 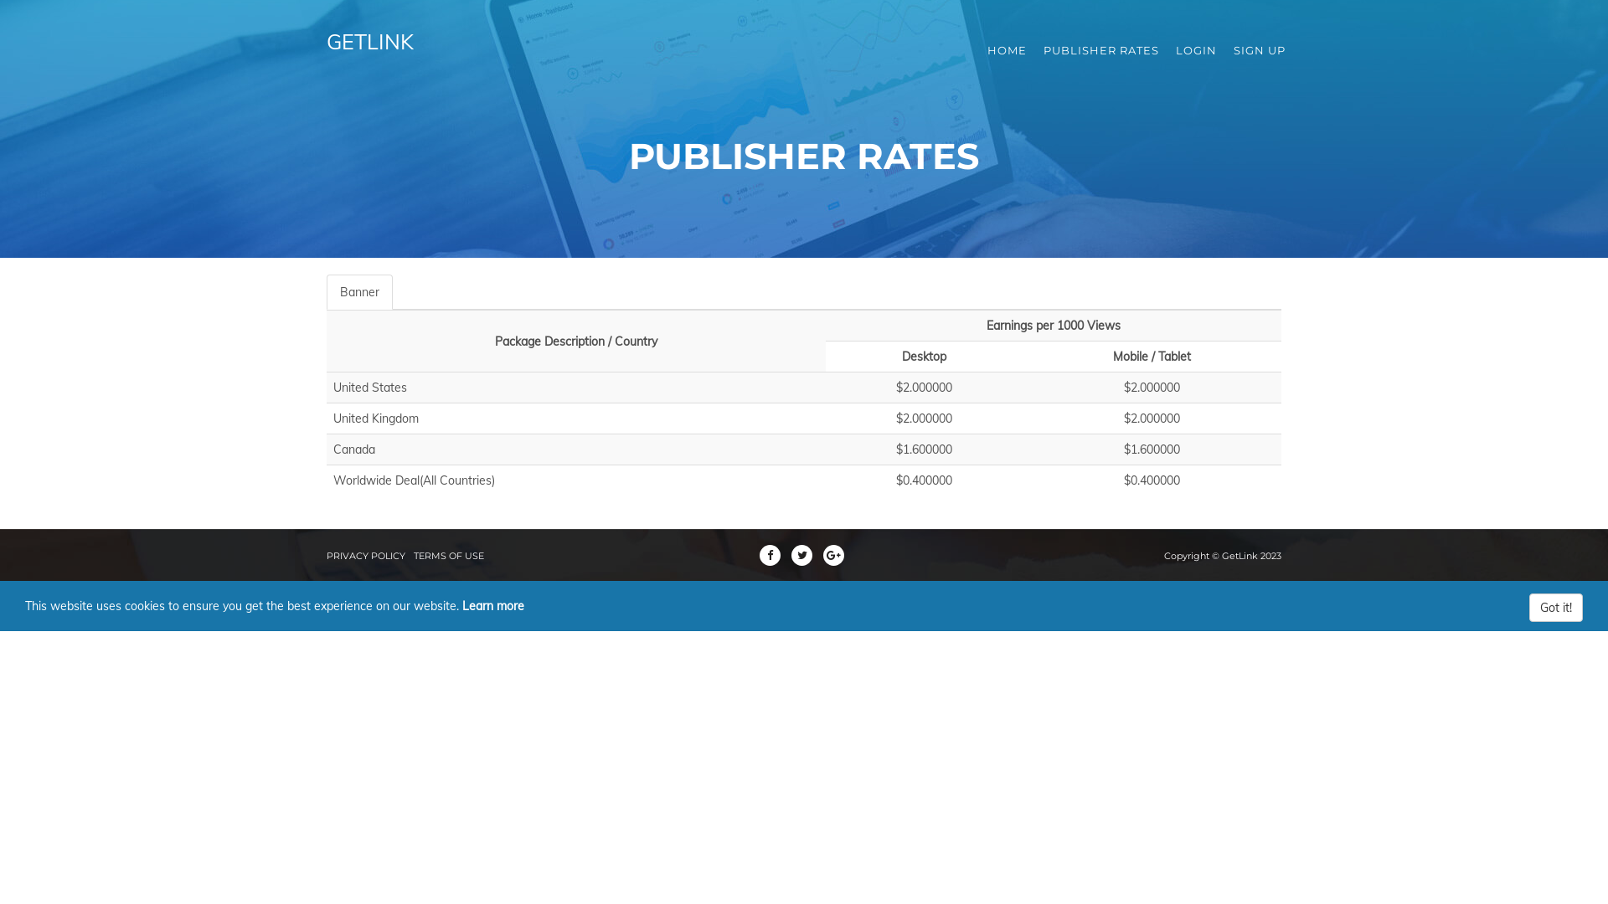 I want to click on 'LOGIN', so click(x=1195, y=49).